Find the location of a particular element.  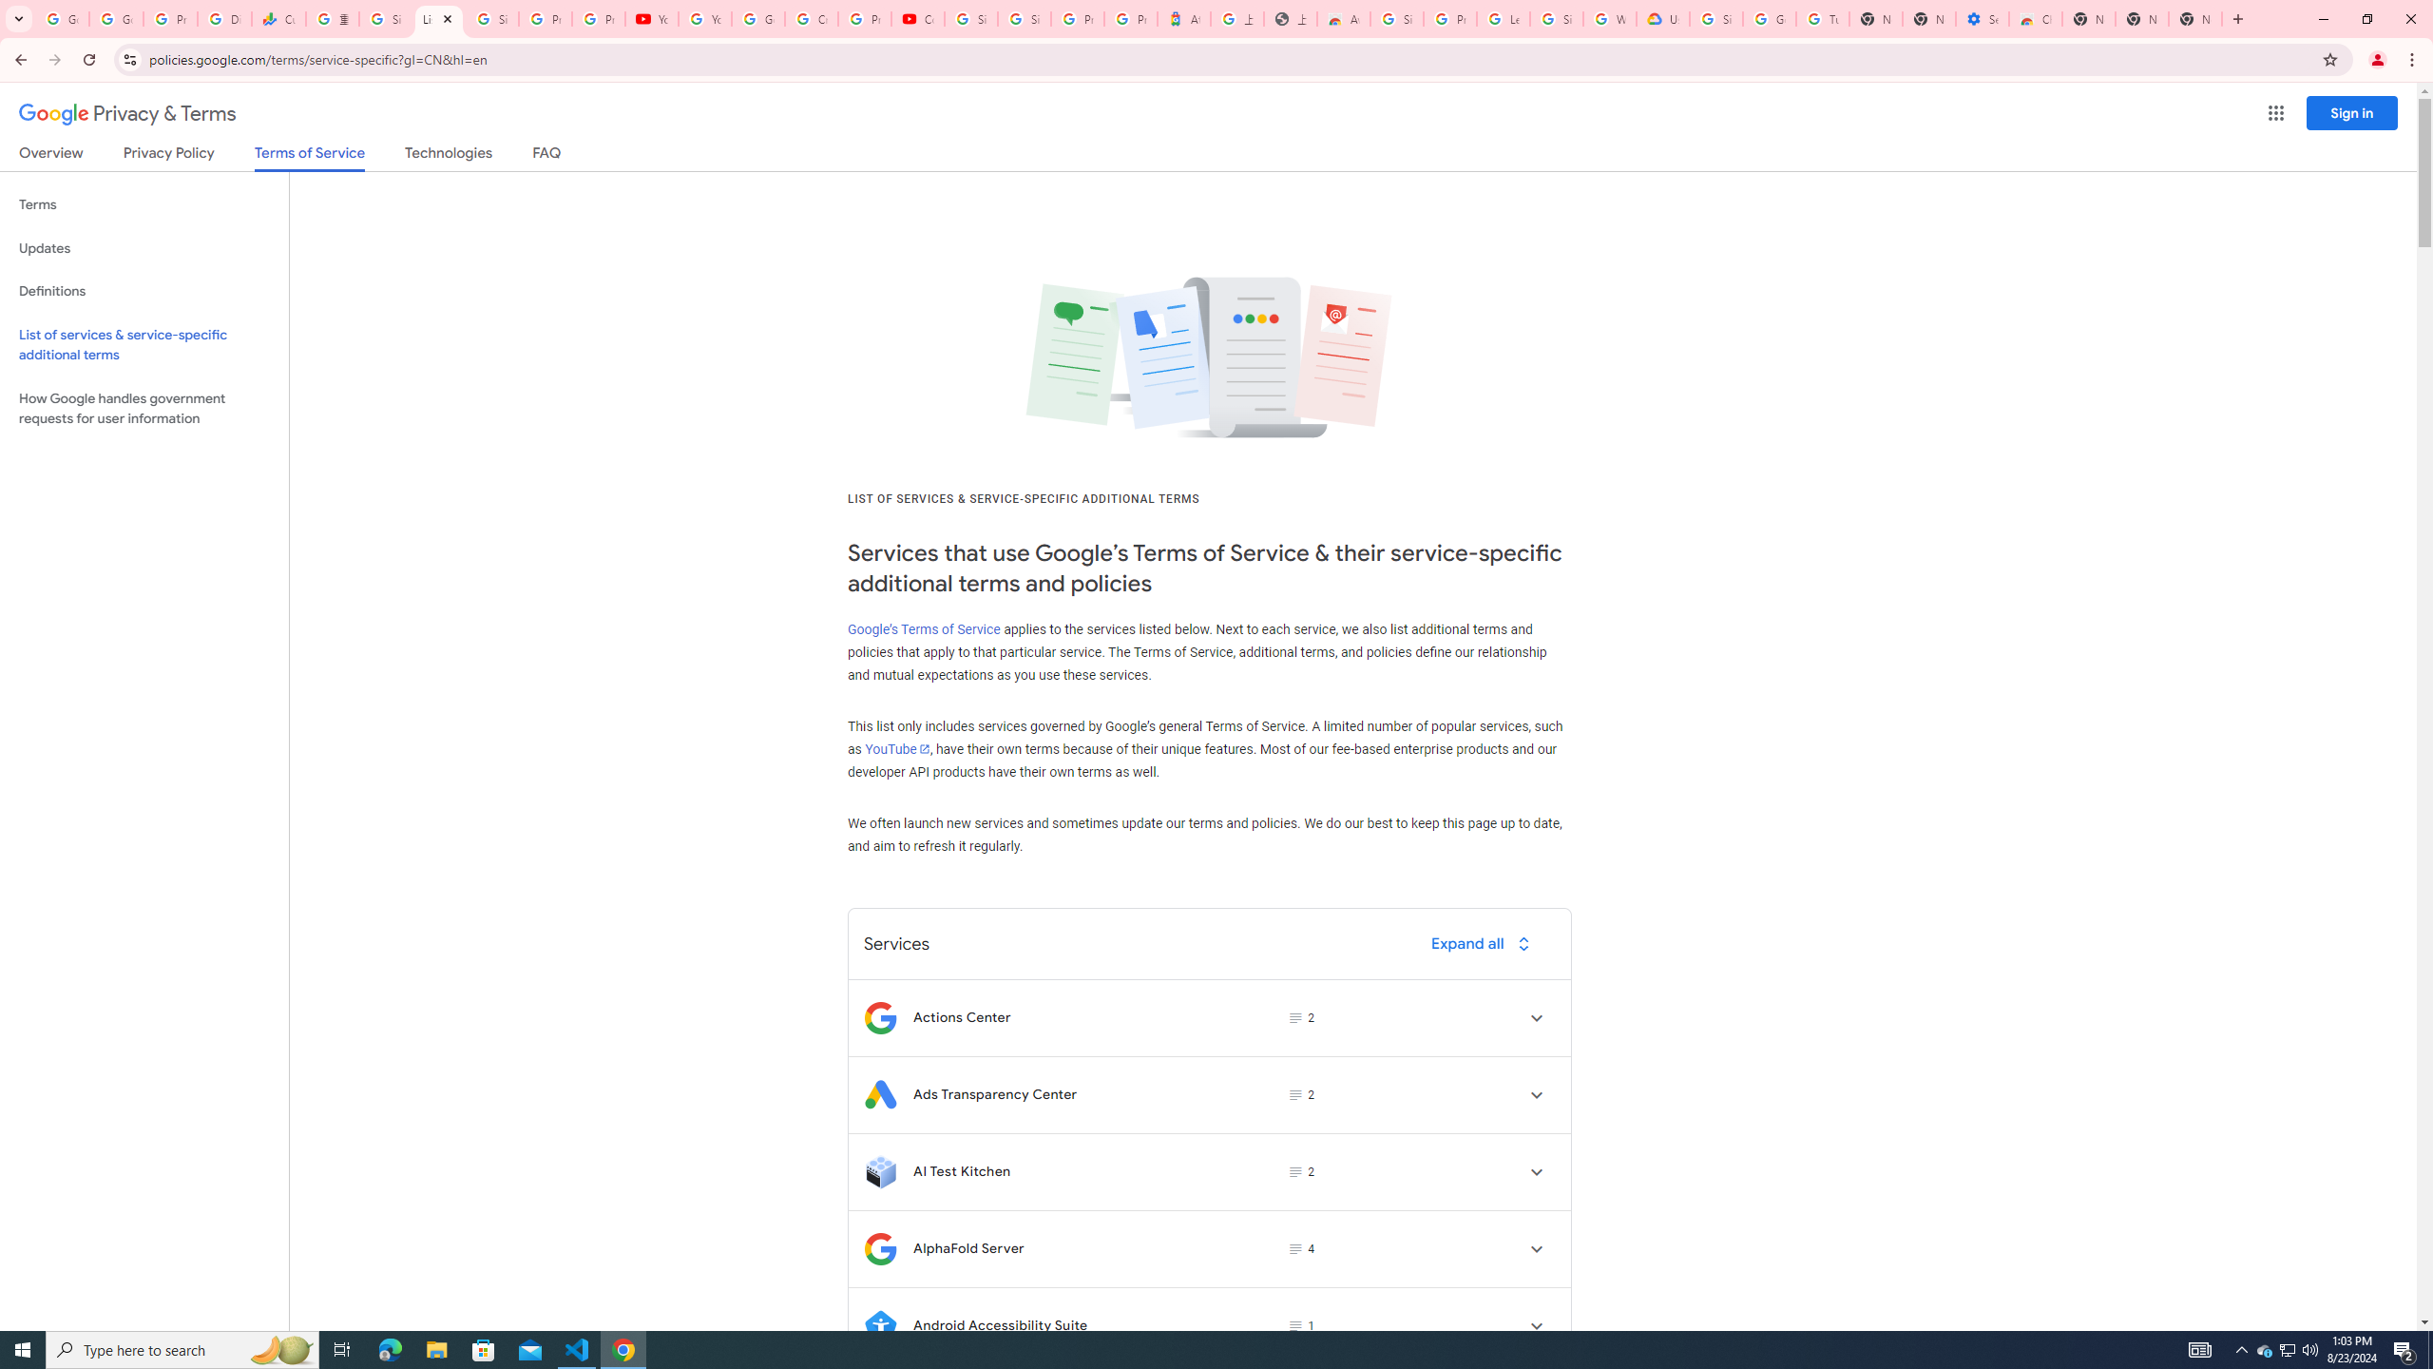

'Create your Google Account' is located at coordinates (810, 18).